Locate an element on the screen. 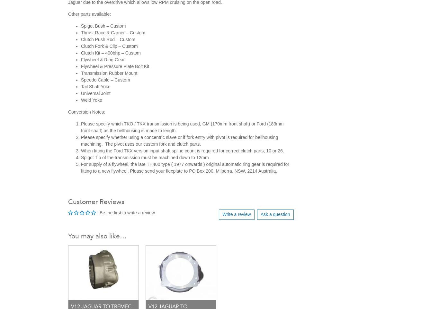  'Weld Yoke' is located at coordinates (91, 99).